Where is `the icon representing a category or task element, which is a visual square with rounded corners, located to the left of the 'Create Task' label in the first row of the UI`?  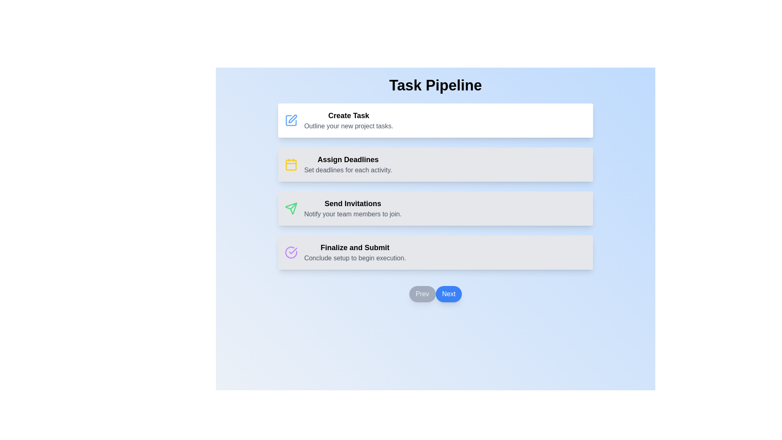
the icon representing a category or task element, which is a visual square with rounded corners, located to the left of the 'Create Task' label in the first row of the UI is located at coordinates (291, 121).